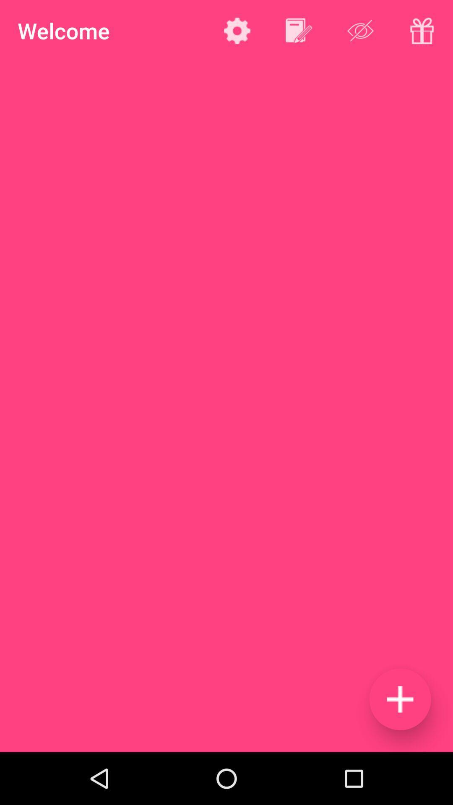  What do you see at coordinates (237, 31) in the screenshot?
I see `settings option` at bounding box center [237, 31].